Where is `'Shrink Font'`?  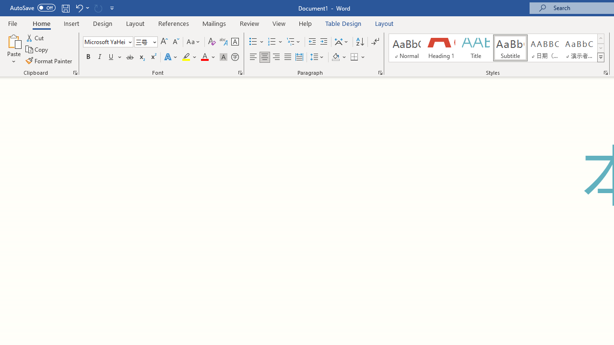
'Shrink Font' is located at coordinates (176, 41).